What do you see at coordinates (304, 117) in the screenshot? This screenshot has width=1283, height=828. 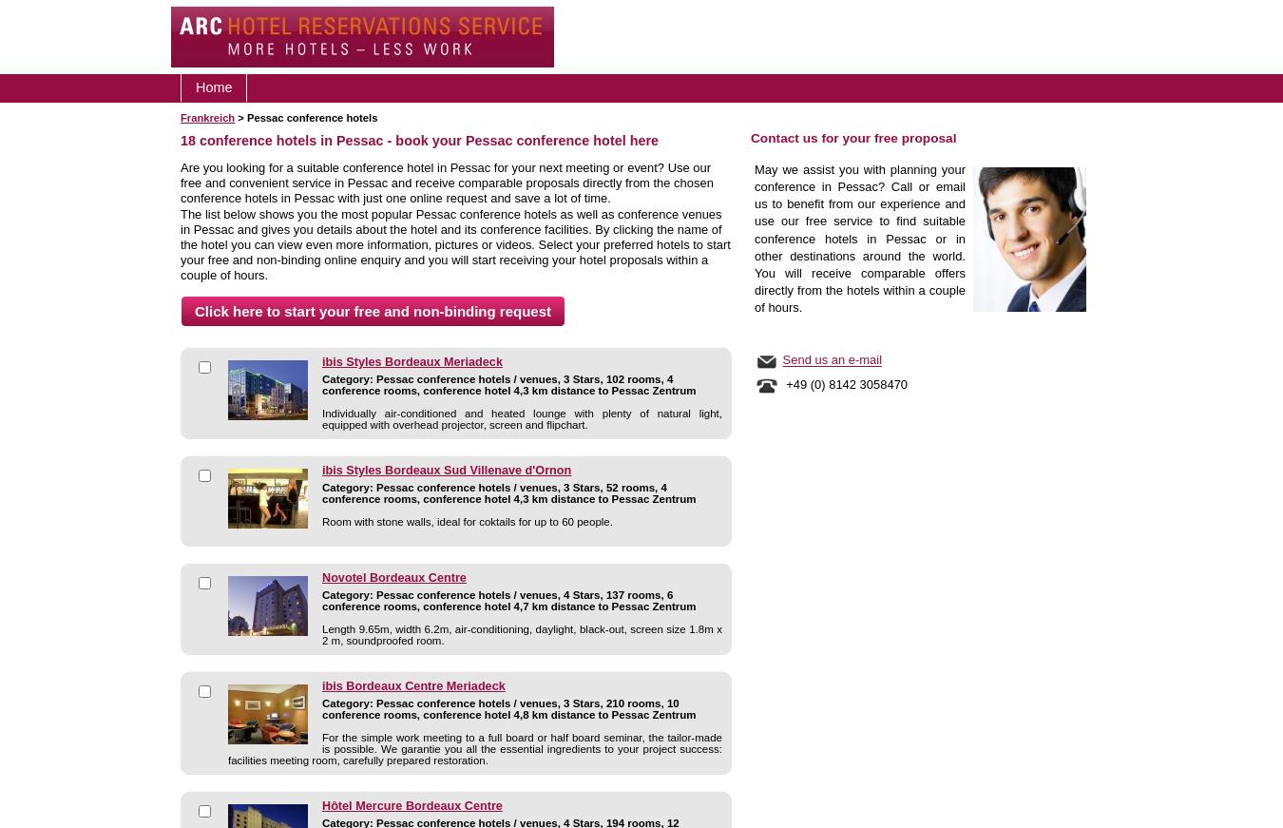 I see `'> Pessac conference hotels'` at bounding box center [304, 117].